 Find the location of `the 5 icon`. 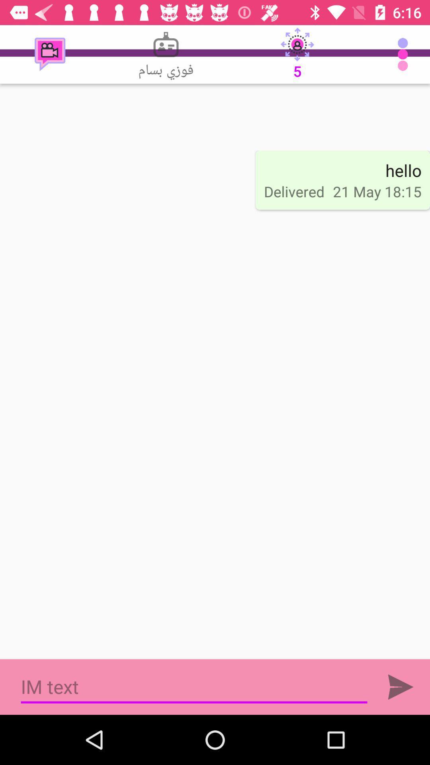

the 5 icon is located at coordinates (297, 54).